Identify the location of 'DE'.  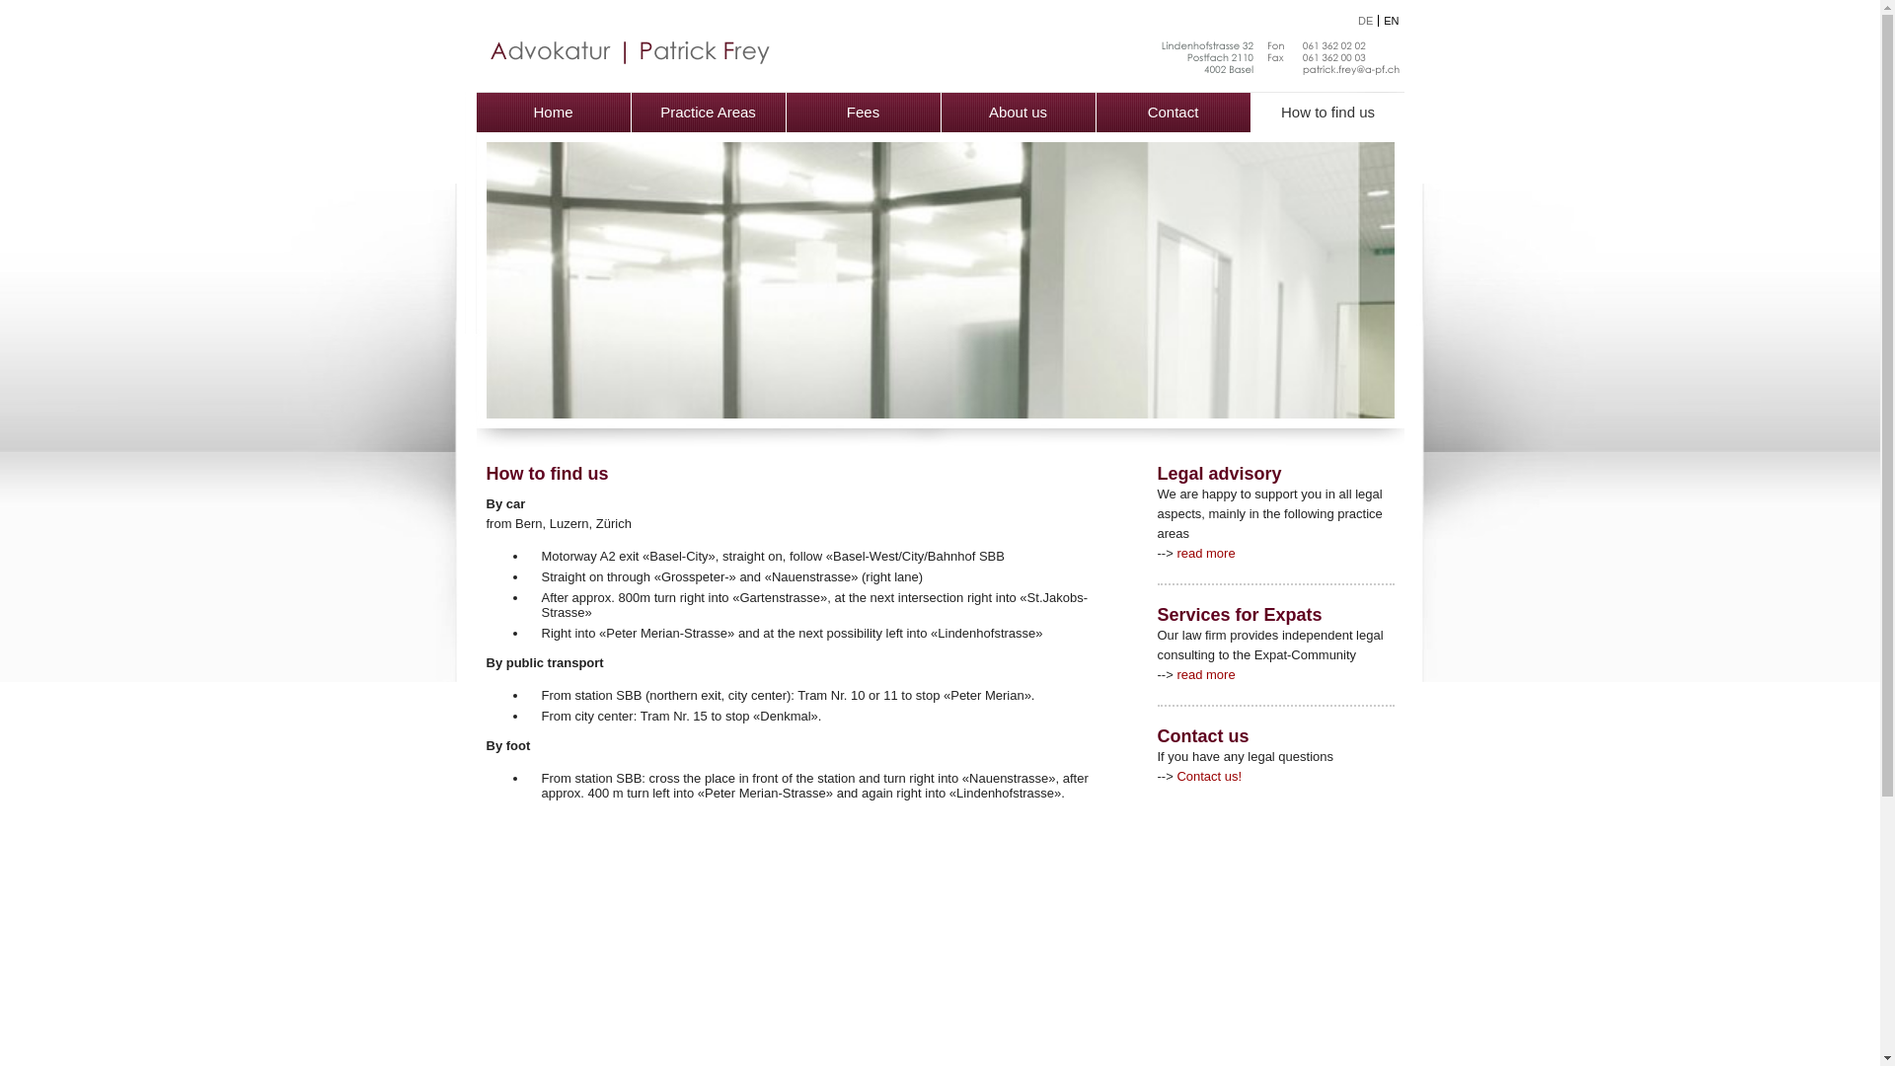
(1357, 20).